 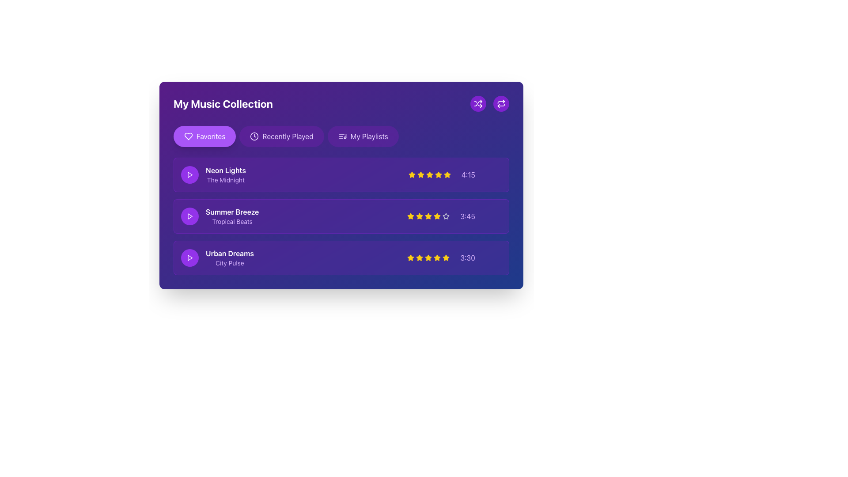 What do you see at coordinates (493, 175) in the screenshot?
I see `the interactive menu trigger button located to the far-right of the 'Neon Lights' song row` at bounding box center [493, 175].